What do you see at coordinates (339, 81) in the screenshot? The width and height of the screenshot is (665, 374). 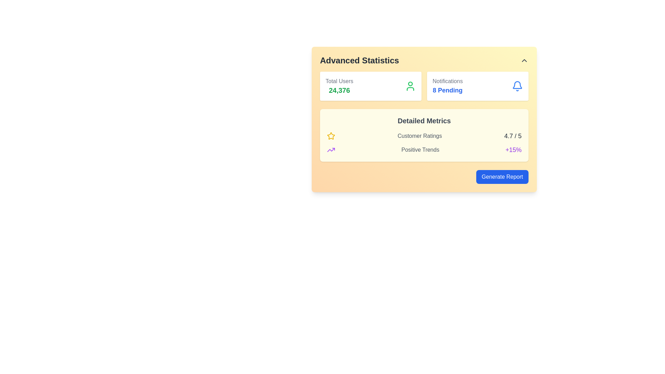 I see `the text label that provides context for the numerical value '24,376', located in the top-left section of the interface within a light card component` at bounding box center [339, 81].